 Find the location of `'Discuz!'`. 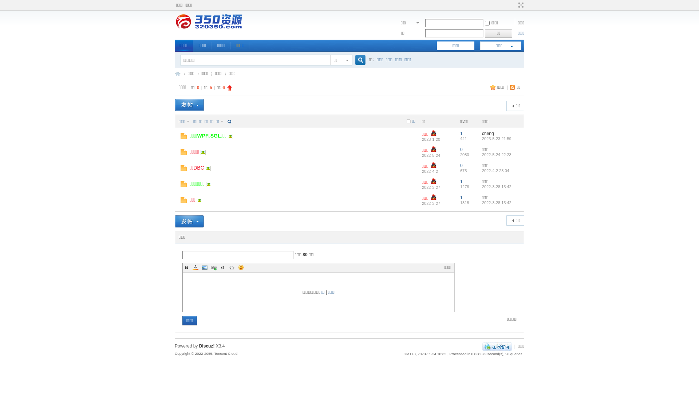

'Discuz!' is located at coordinates (206, 346).